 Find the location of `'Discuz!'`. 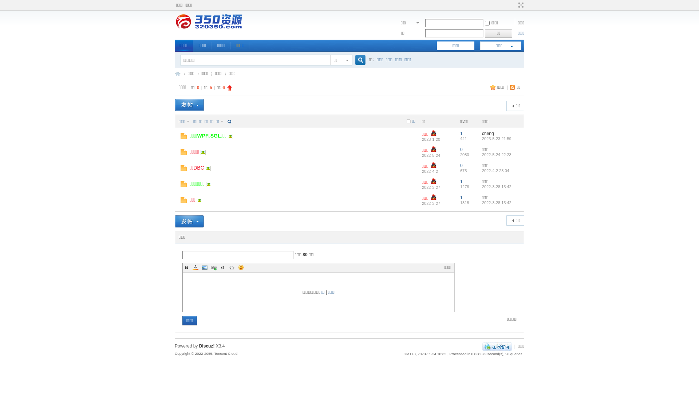

'Discuz!' is located at coordinates (206, 346).